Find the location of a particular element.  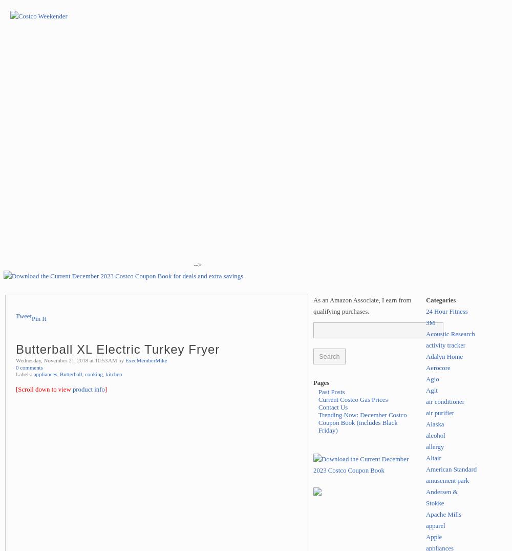

'Wednesday, November 21, 2018

       at 10:53 AM by' is located at coordinates (70, 360).